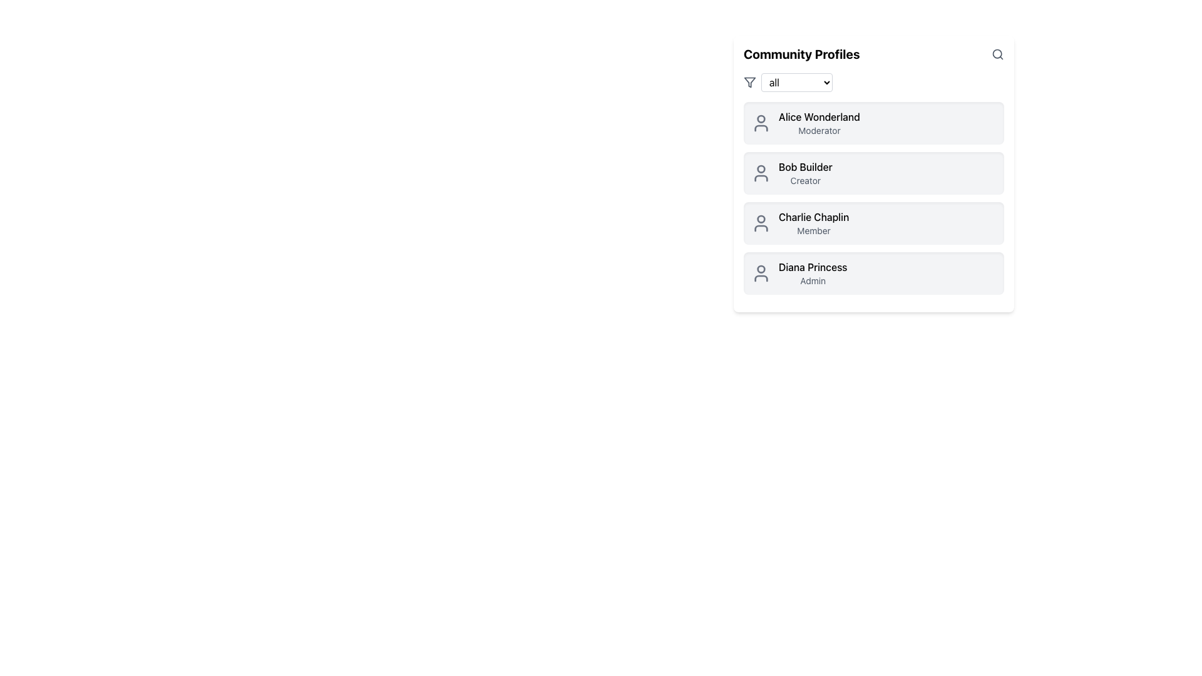 The image size is (1202, 676). Describe the element at coordinates (760, 223) in the screenshot. I see `the user profile icon for 'Charlie Chaplin', which is a simplistic line art silhouette icon in gray color, positioned left of the name in the community profiles list` at that location.